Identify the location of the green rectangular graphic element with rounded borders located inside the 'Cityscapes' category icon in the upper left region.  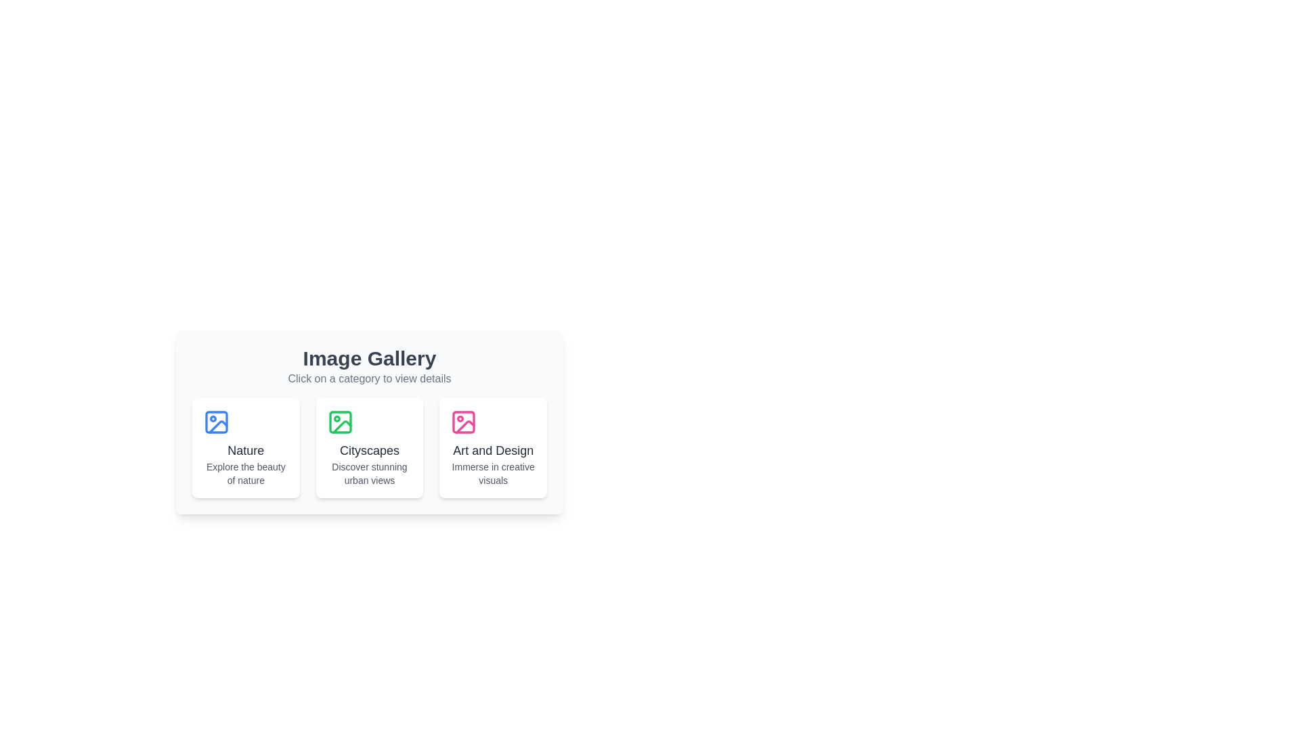
(340, 422).